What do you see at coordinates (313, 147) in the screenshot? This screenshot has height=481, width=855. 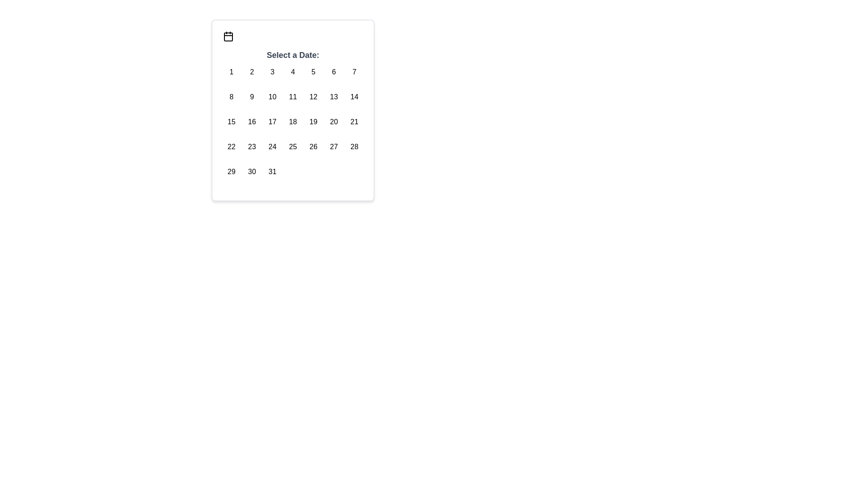 I see `the button representing the date '26' in the calendar grid` at bounding box center [313, 147].